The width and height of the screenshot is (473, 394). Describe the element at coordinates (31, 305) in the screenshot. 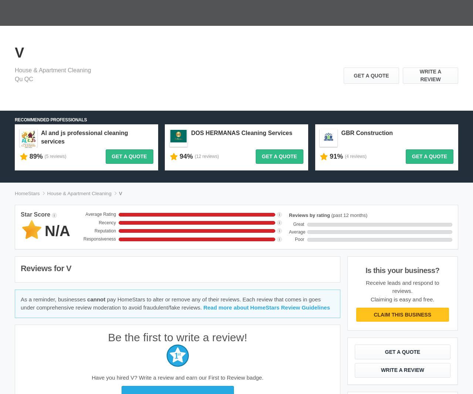

I see `'Homeowner FAQ'` at that location.